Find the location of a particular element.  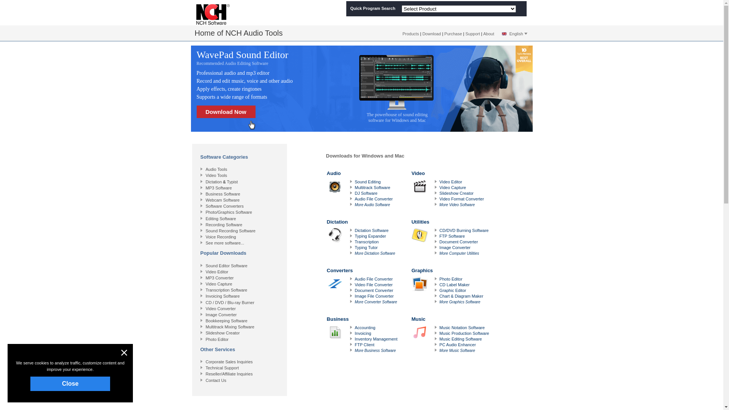

'Video Format Converter' is located at coordinates (461, 199).